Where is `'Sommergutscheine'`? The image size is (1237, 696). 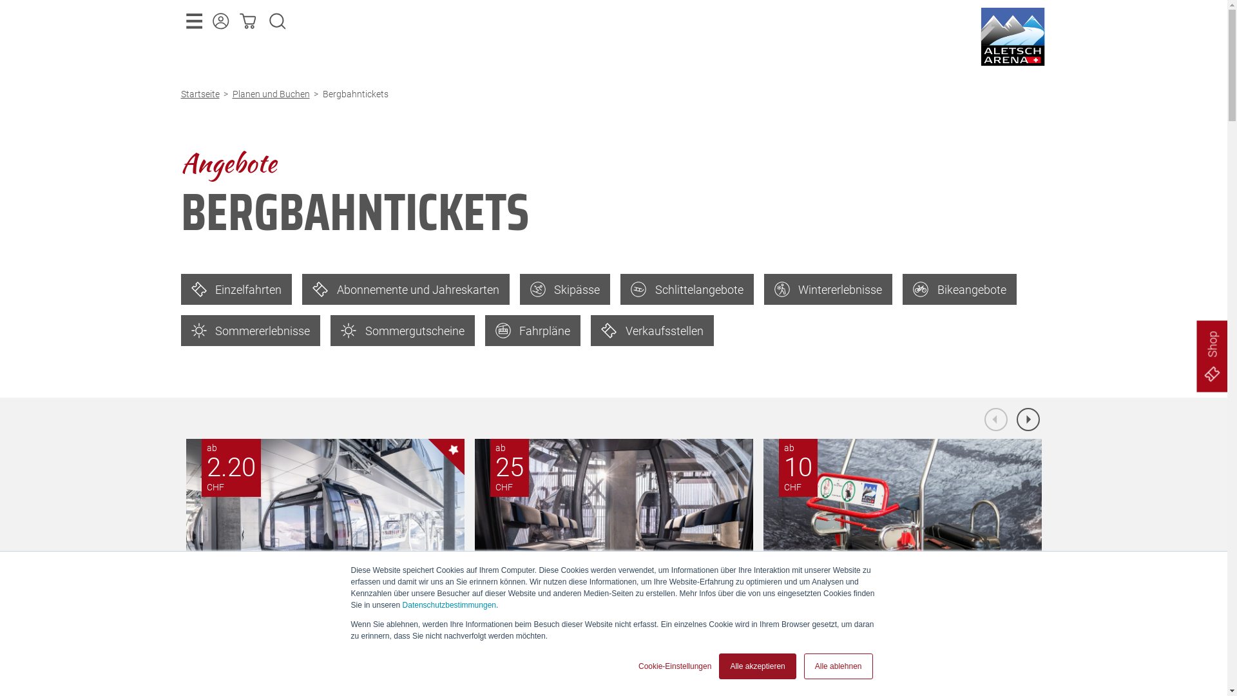 'Sommergutscheine' is located at coordinates (401, 330).